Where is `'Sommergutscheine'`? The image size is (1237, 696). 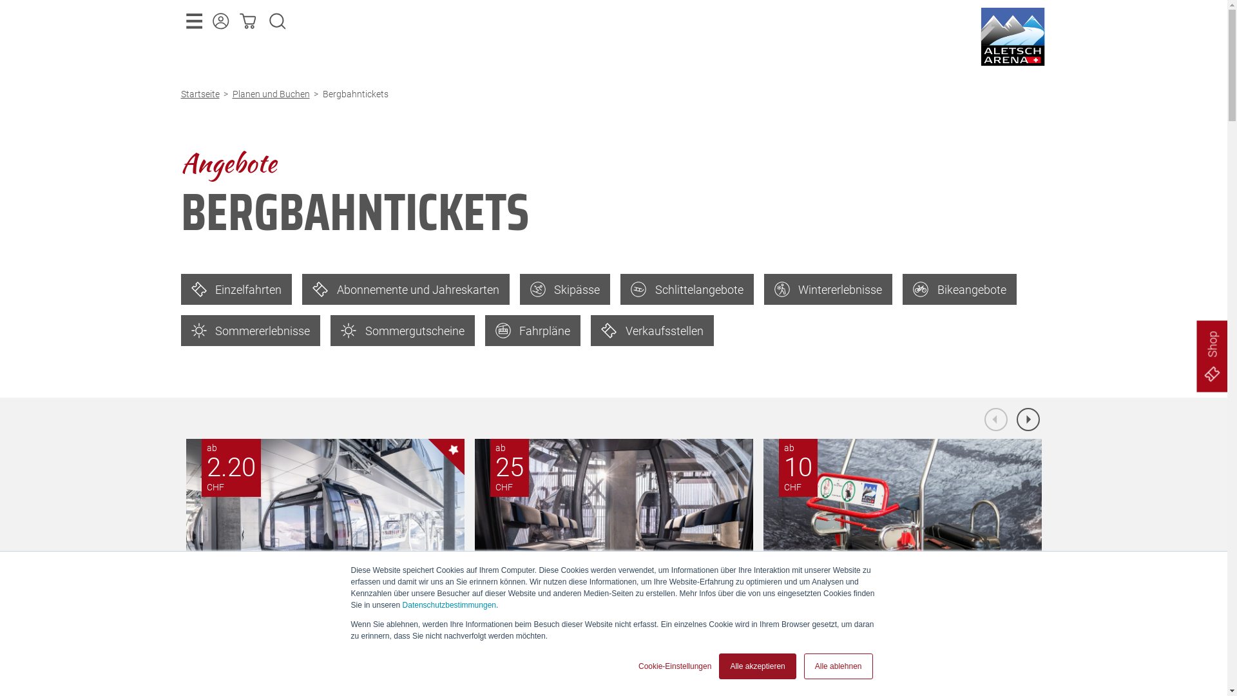 'Sommergutscheine' is located at coordinates (401, 330).